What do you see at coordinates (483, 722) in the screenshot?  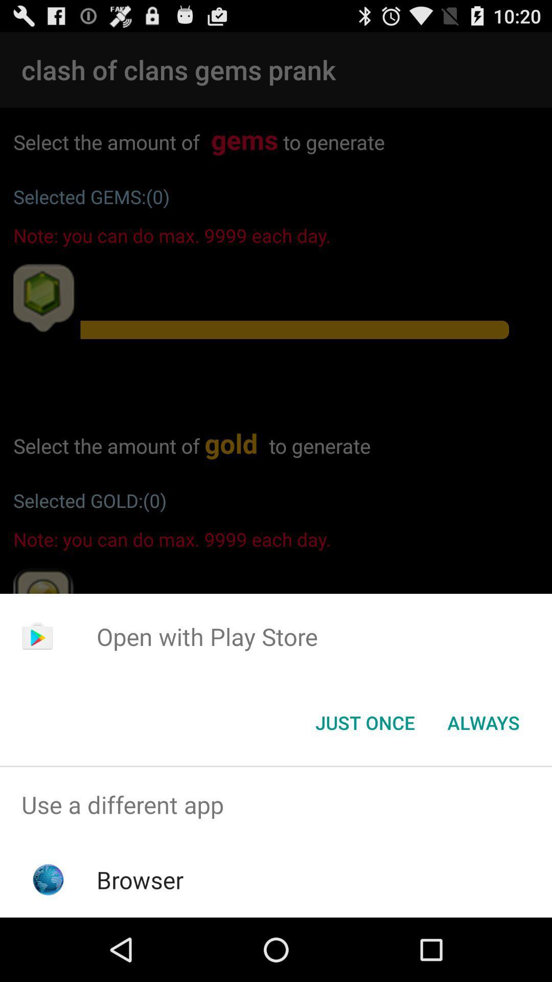 I see `the app below open with play icon` at bounding box center [483, 722].